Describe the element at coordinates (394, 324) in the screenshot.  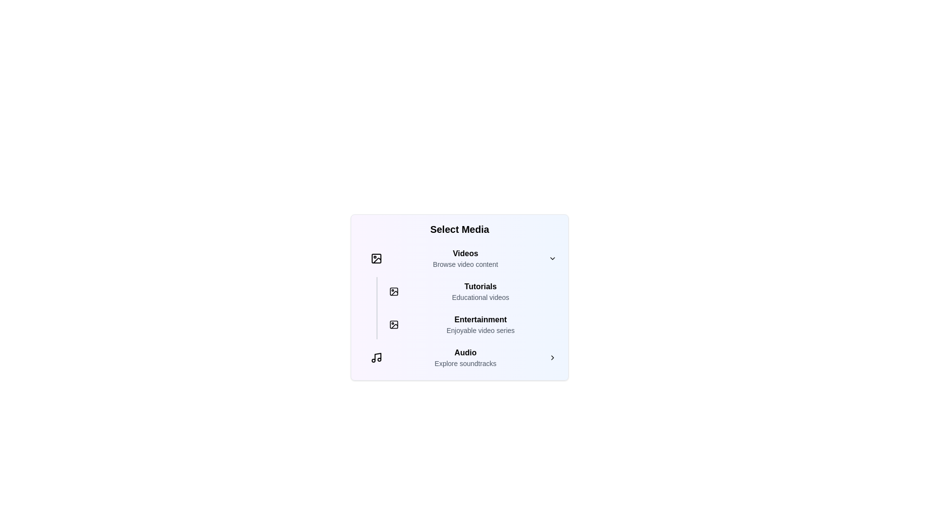
I see `the stylized square icon with rounded corners, located in the third row of the 'Select Media' panel, labeled 'Entertainment - Enjoyable video series'` at that location.